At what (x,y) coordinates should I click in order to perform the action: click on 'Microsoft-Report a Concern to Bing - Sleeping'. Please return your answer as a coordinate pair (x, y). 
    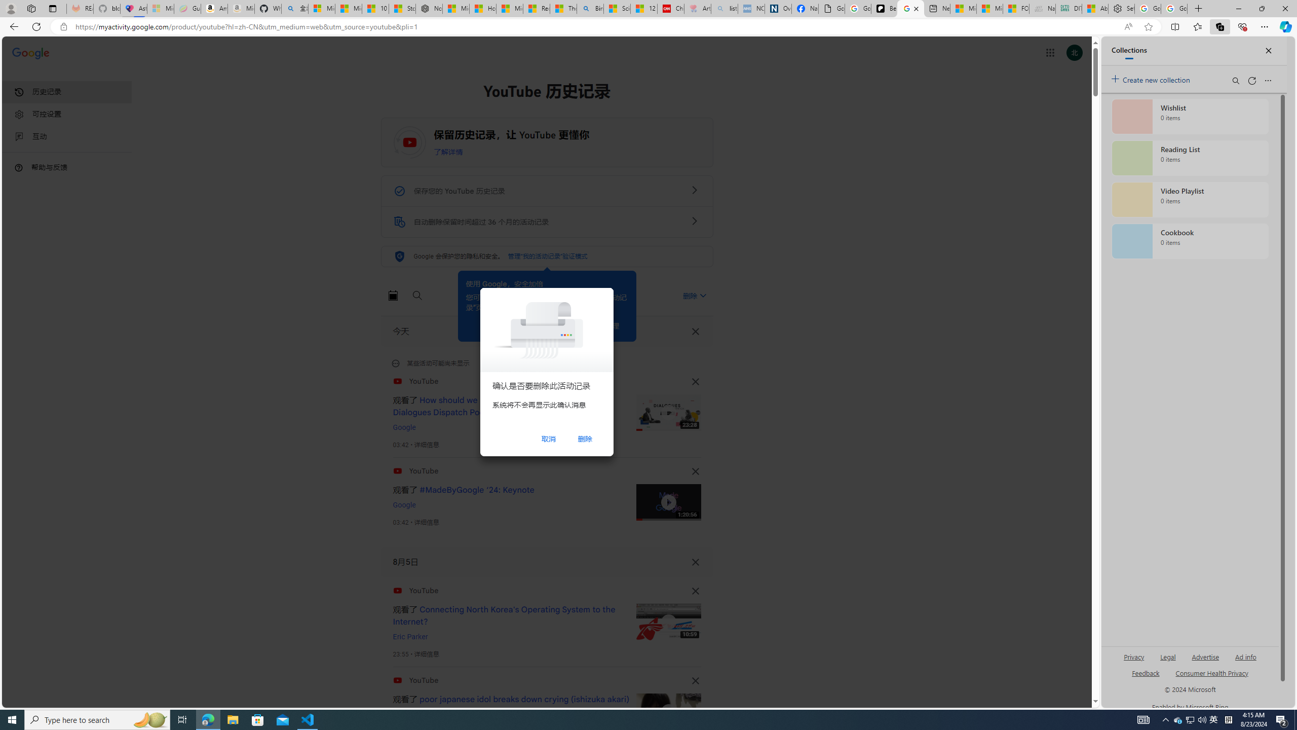
    Looking at the image, I should click on (161, 8).